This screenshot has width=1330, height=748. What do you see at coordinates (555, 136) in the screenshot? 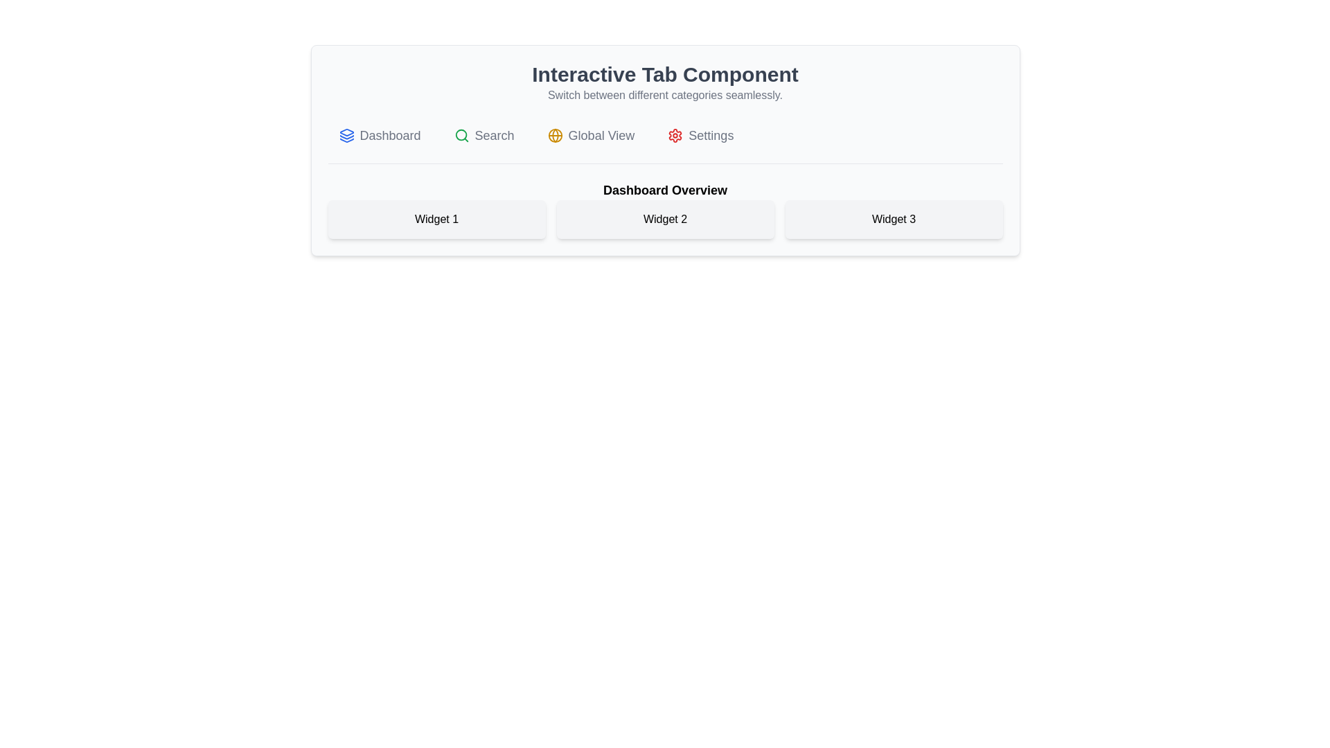
I see `the inner circular component of the 'Global View' icon in the top navigation menu, located between the 'Search' and 'Settings' options` at bounding box center [555, 136].